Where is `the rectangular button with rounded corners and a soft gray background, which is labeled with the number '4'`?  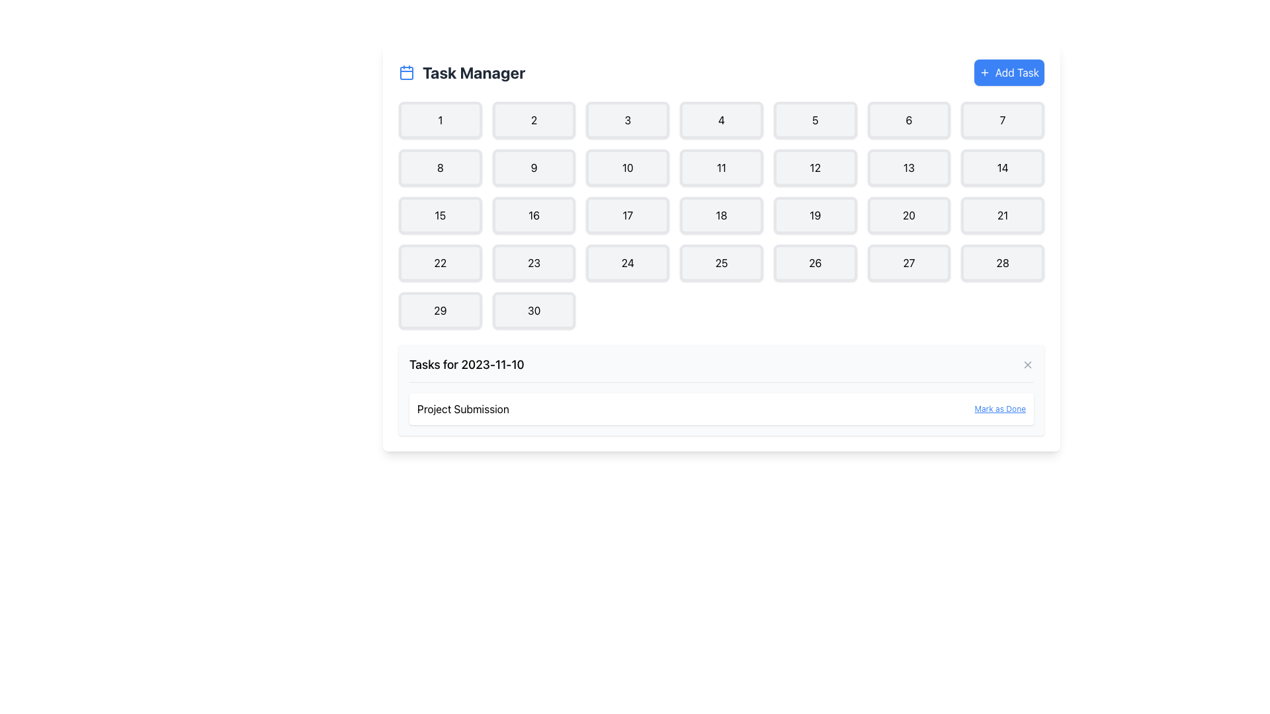 the rectangular button with rounded corners and a soft gray background, which is labeled with the number '4' is located at coordinates (720, 120).